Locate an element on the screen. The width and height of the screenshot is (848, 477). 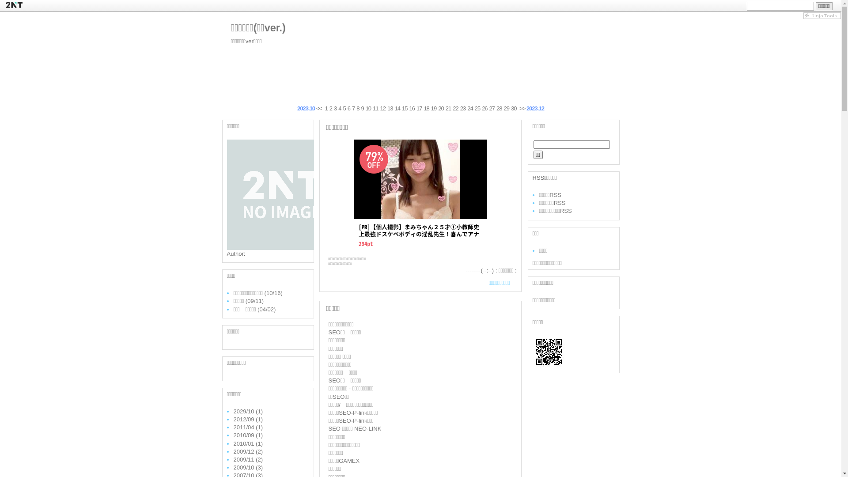
'2023.10' is located at coordinates (306, 108).